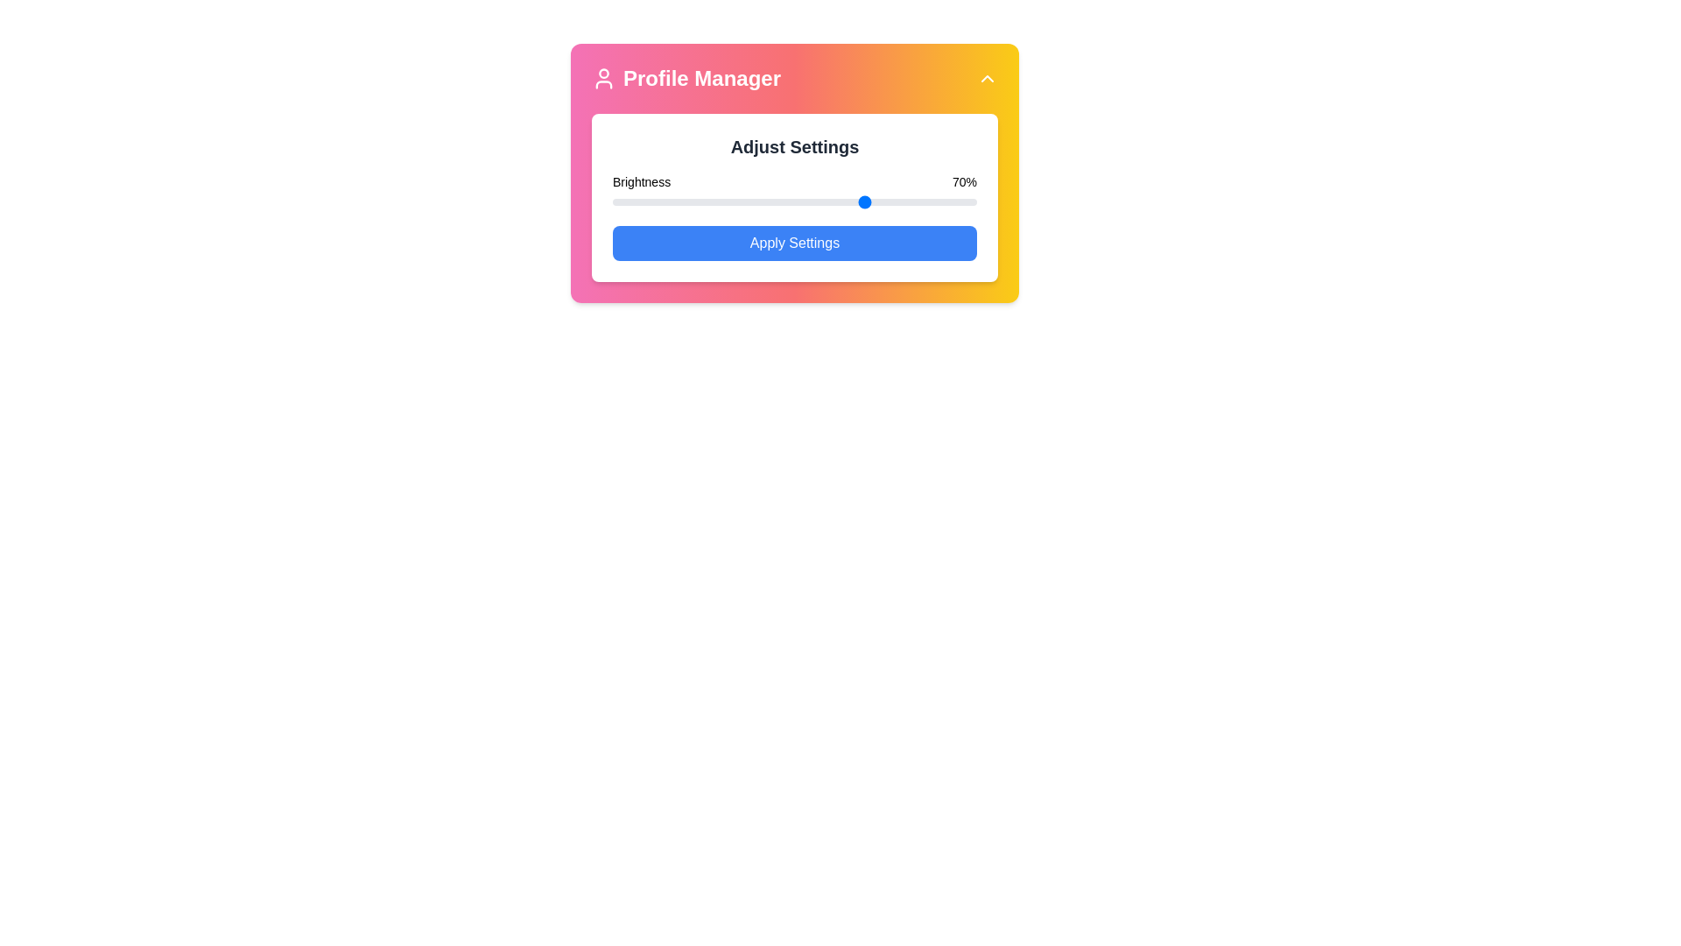 This screenshot has width=1681, height=946. Describe the element at coordinates (604, 84) in the screenshot. I see `the lower half of the user-profile icon component in the SVG structure, which is located at the top-left corner of the application card, next to the 'Profile Manager' text` at that location.